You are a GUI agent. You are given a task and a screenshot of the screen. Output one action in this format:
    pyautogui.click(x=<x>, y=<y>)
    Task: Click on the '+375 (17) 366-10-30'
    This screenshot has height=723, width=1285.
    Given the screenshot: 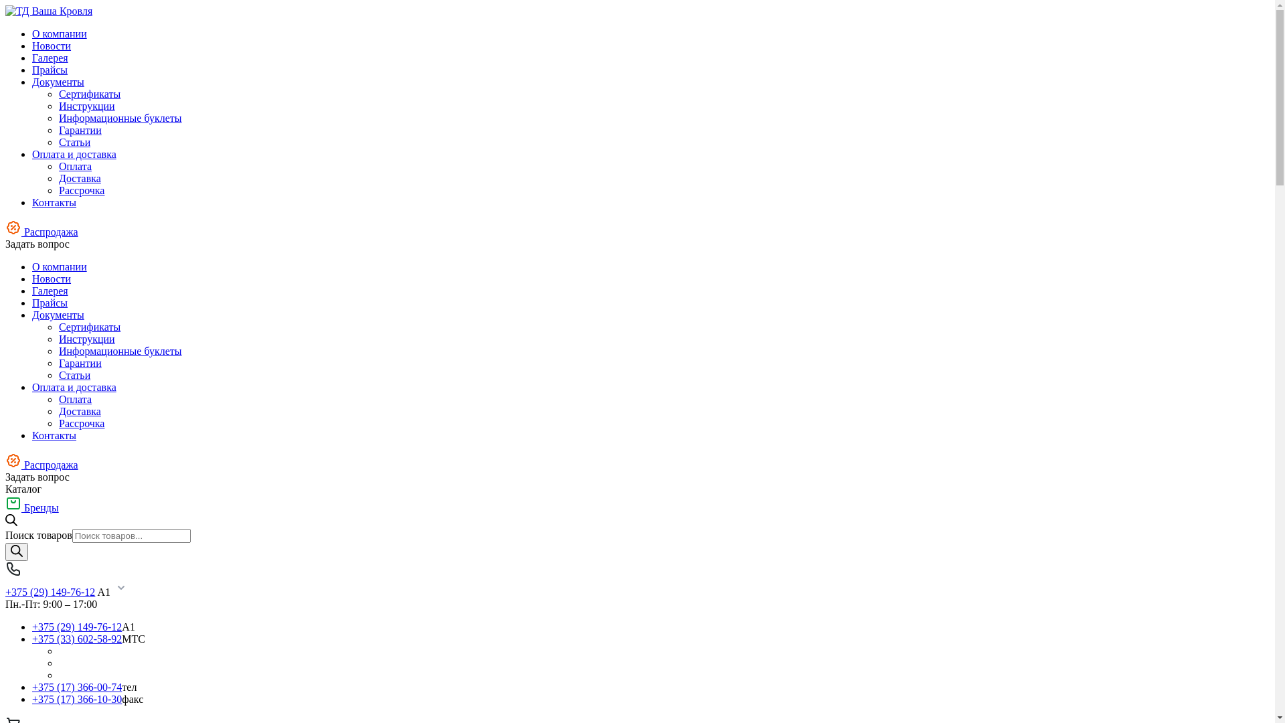 What is the action you would take?
    pyautogui.click(x=32, y=698)
    